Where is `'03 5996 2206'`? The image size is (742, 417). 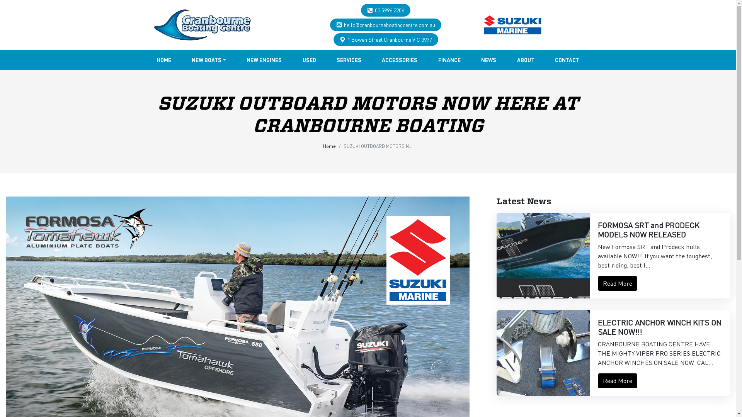 '03 5996 2206' is located at coordinates (390, 10).